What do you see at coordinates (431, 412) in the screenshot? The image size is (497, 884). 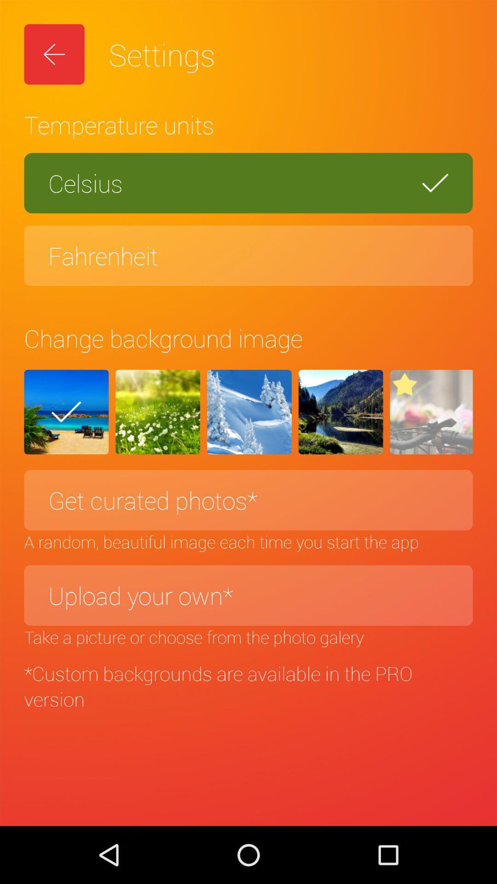 I see `the item below the change background image icon` at bounding box center [431, 412].